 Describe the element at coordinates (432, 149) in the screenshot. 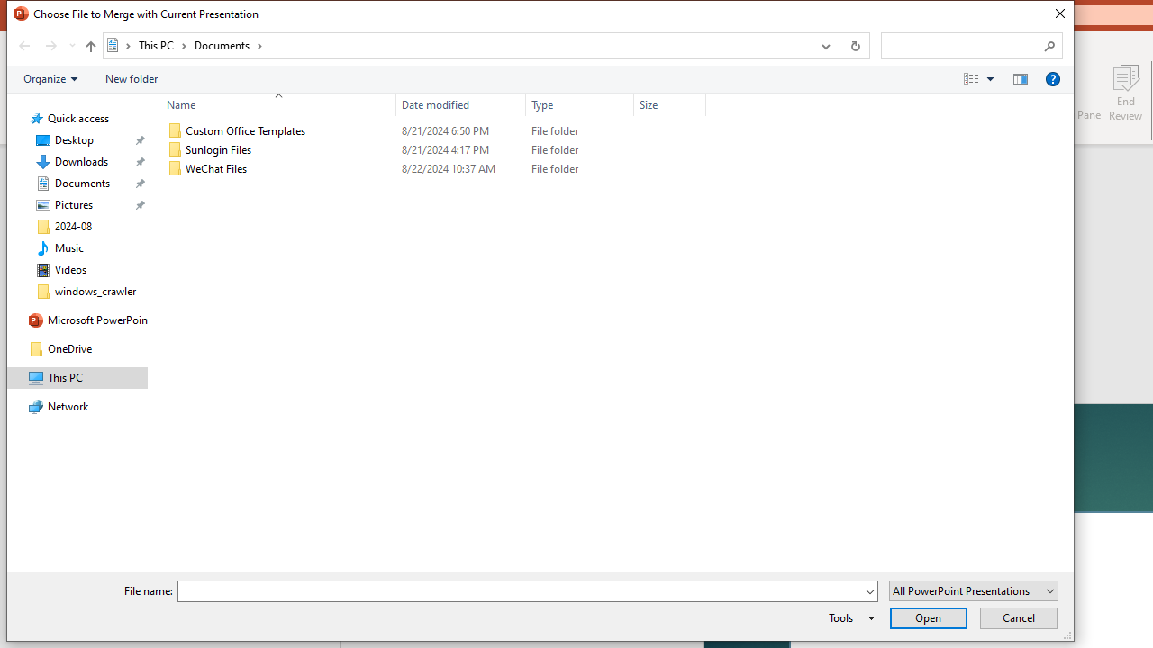

I see `'Sunlogin Files'` at that location.